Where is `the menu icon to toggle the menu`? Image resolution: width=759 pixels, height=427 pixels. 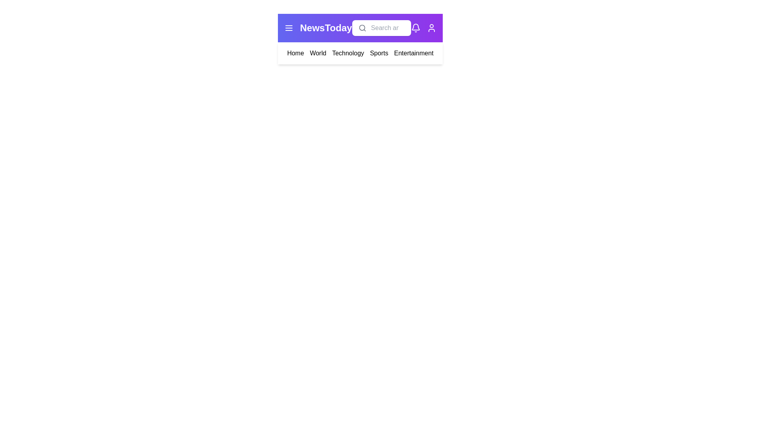
the menu icon to toggle the menu is located at coordinates (288, 27).